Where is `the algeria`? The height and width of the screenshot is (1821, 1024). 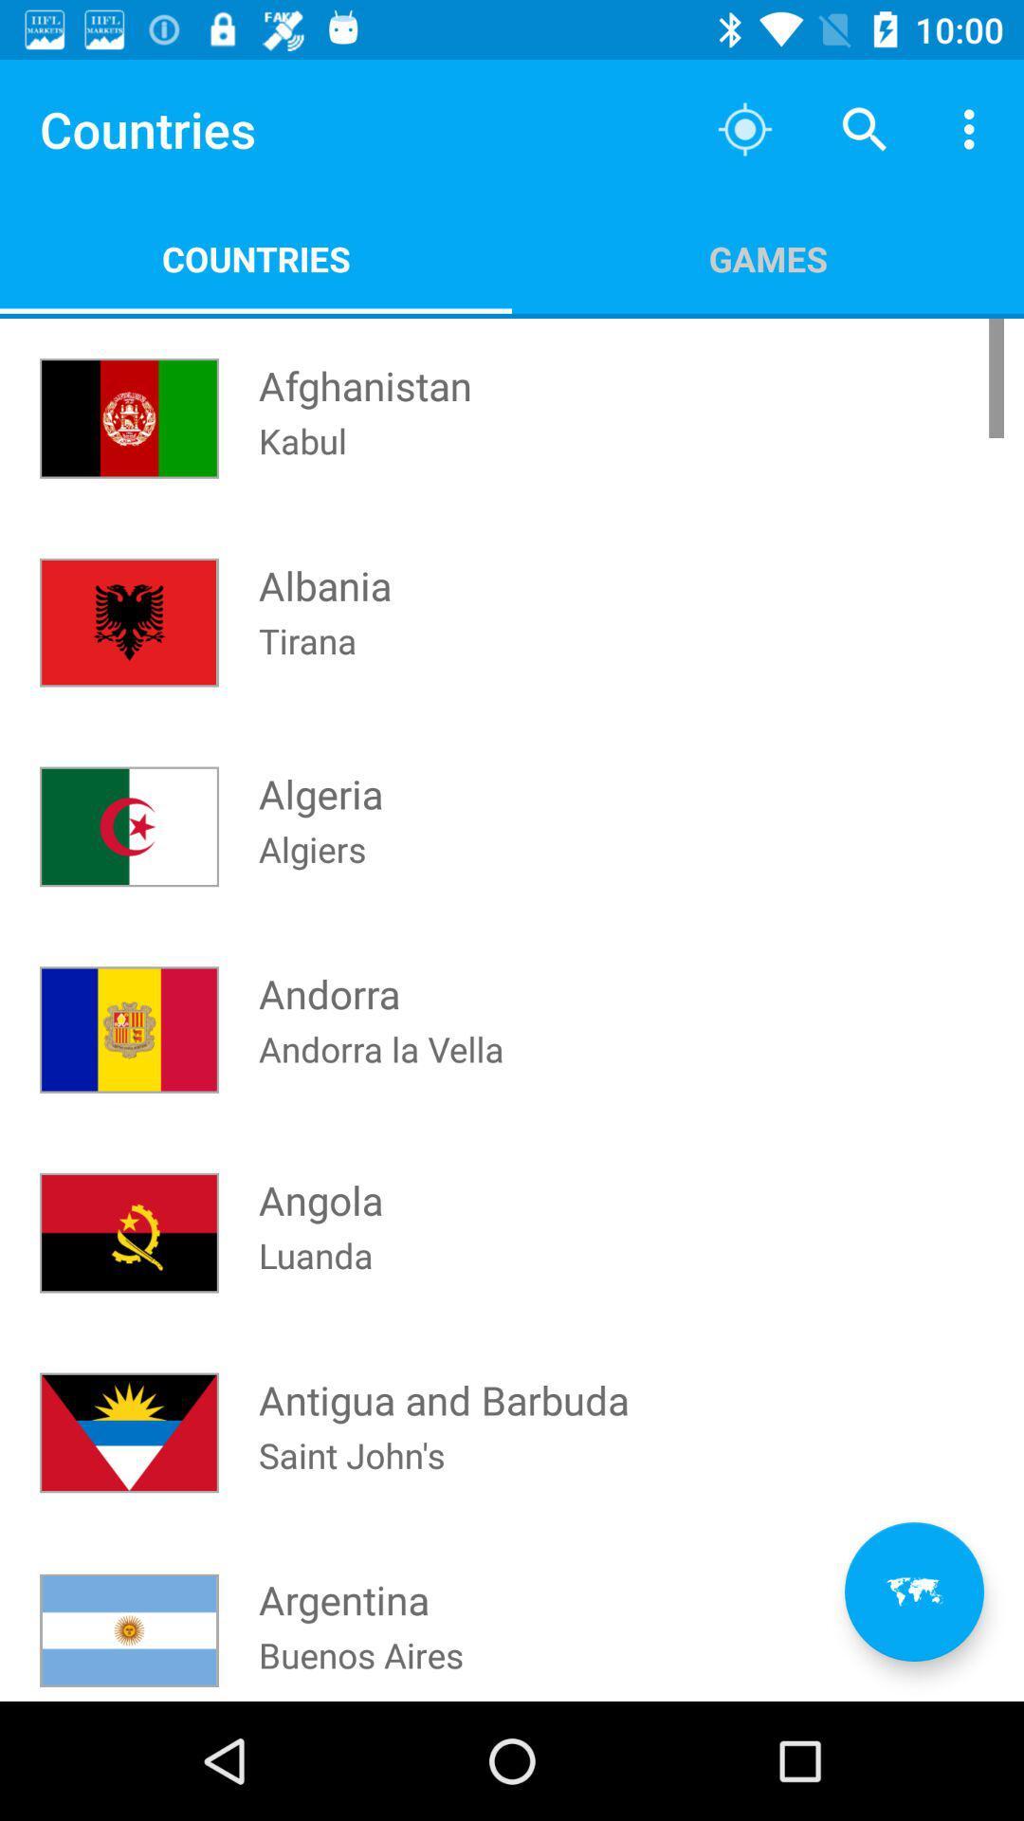 the algeria is located at coordinates (320, 776).